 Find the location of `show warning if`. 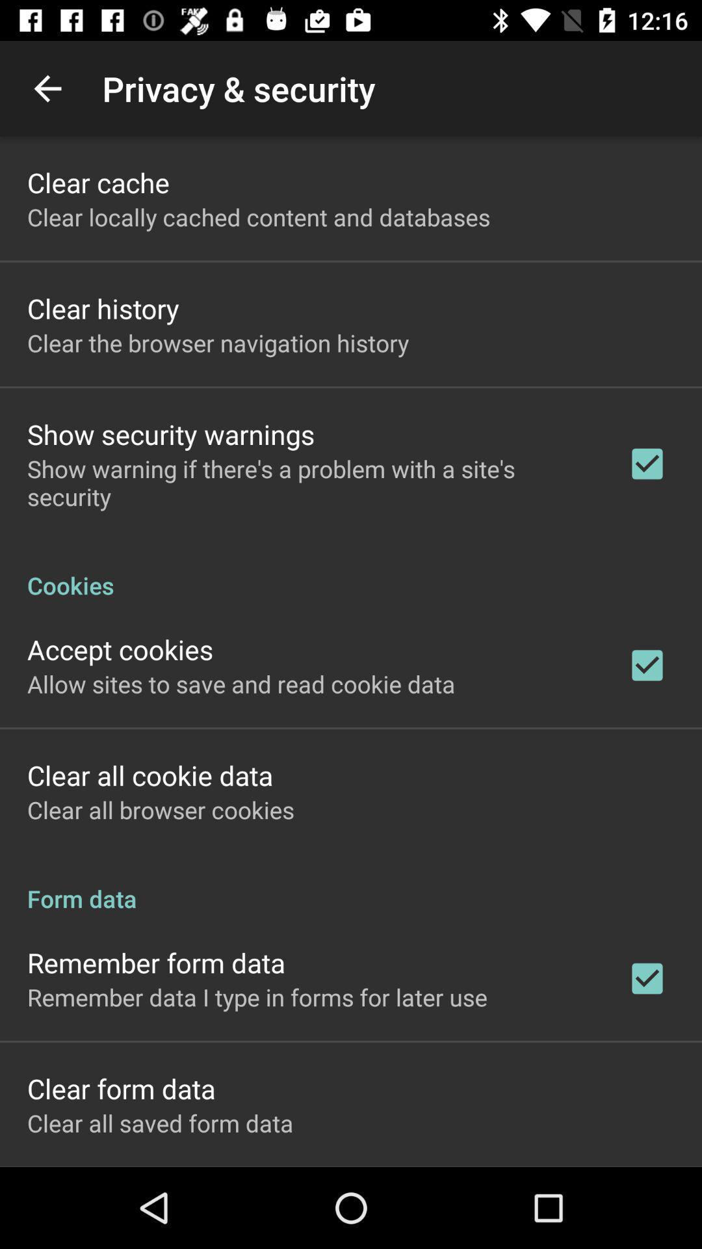

show warning if is located at coordinates (310, 482).